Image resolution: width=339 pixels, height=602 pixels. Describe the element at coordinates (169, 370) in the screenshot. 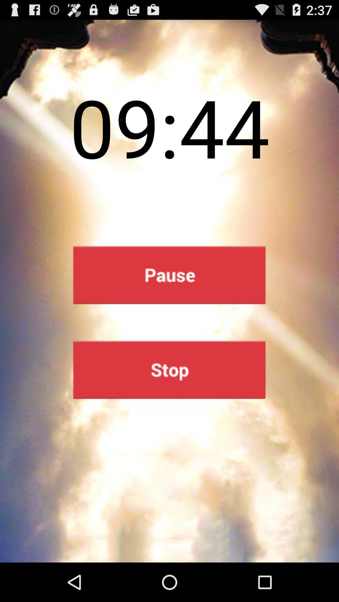

I see `stop` at that location.